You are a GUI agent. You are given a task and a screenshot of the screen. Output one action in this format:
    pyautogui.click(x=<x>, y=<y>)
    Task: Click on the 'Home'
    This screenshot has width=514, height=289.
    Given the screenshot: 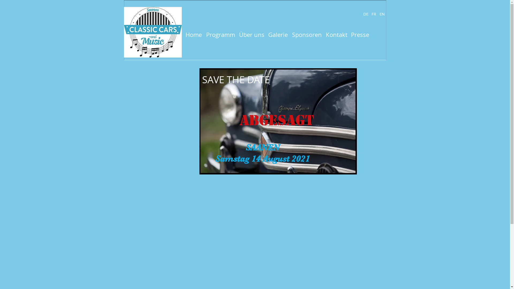 What is the action you would take?
    pyautogui.click(x=185, y=35)
    